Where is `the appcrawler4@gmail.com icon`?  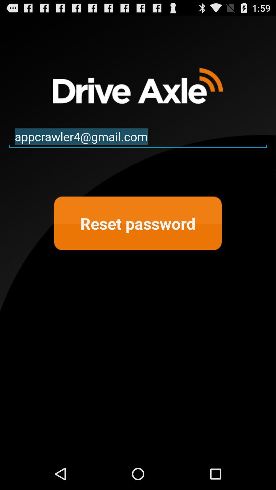 the appcrawler4@gmail.com icon is located at coordinates (138, 137).